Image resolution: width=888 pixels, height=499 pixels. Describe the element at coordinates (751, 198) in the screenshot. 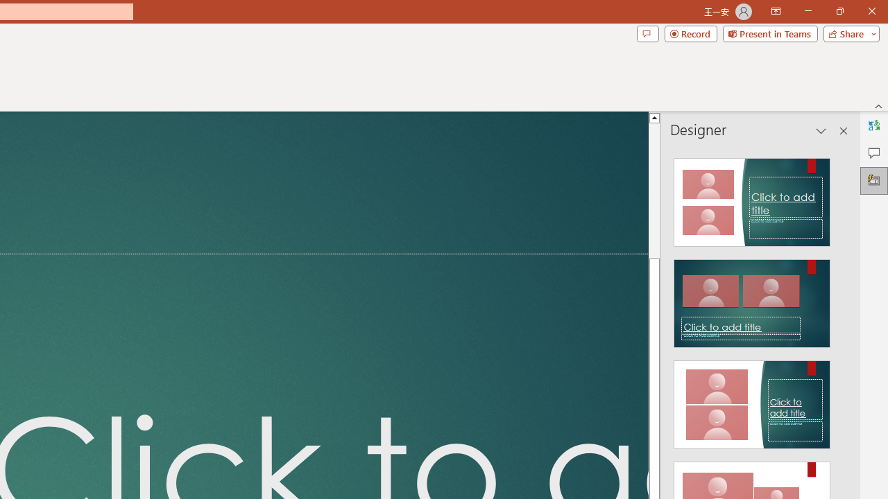

I see `'Recommended Design: Design Idea'` at that location.